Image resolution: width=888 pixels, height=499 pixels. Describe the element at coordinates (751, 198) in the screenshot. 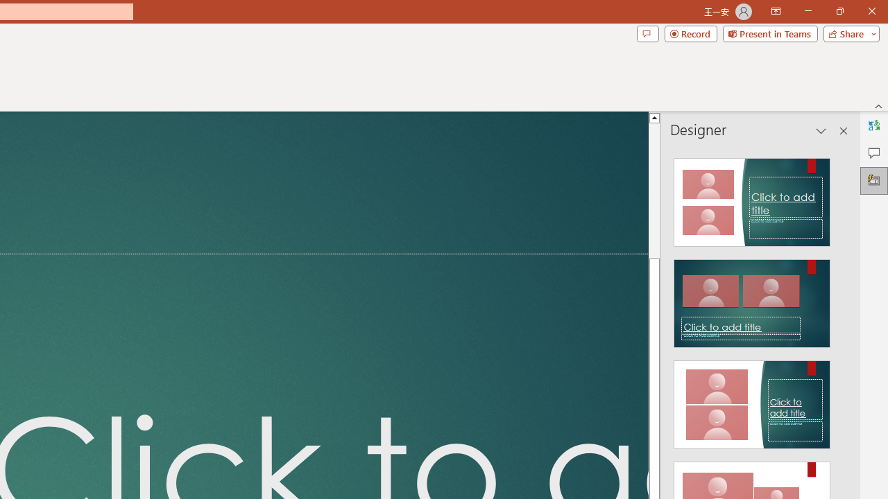

I see `'Recommended Design: Design Idea'` at that location.